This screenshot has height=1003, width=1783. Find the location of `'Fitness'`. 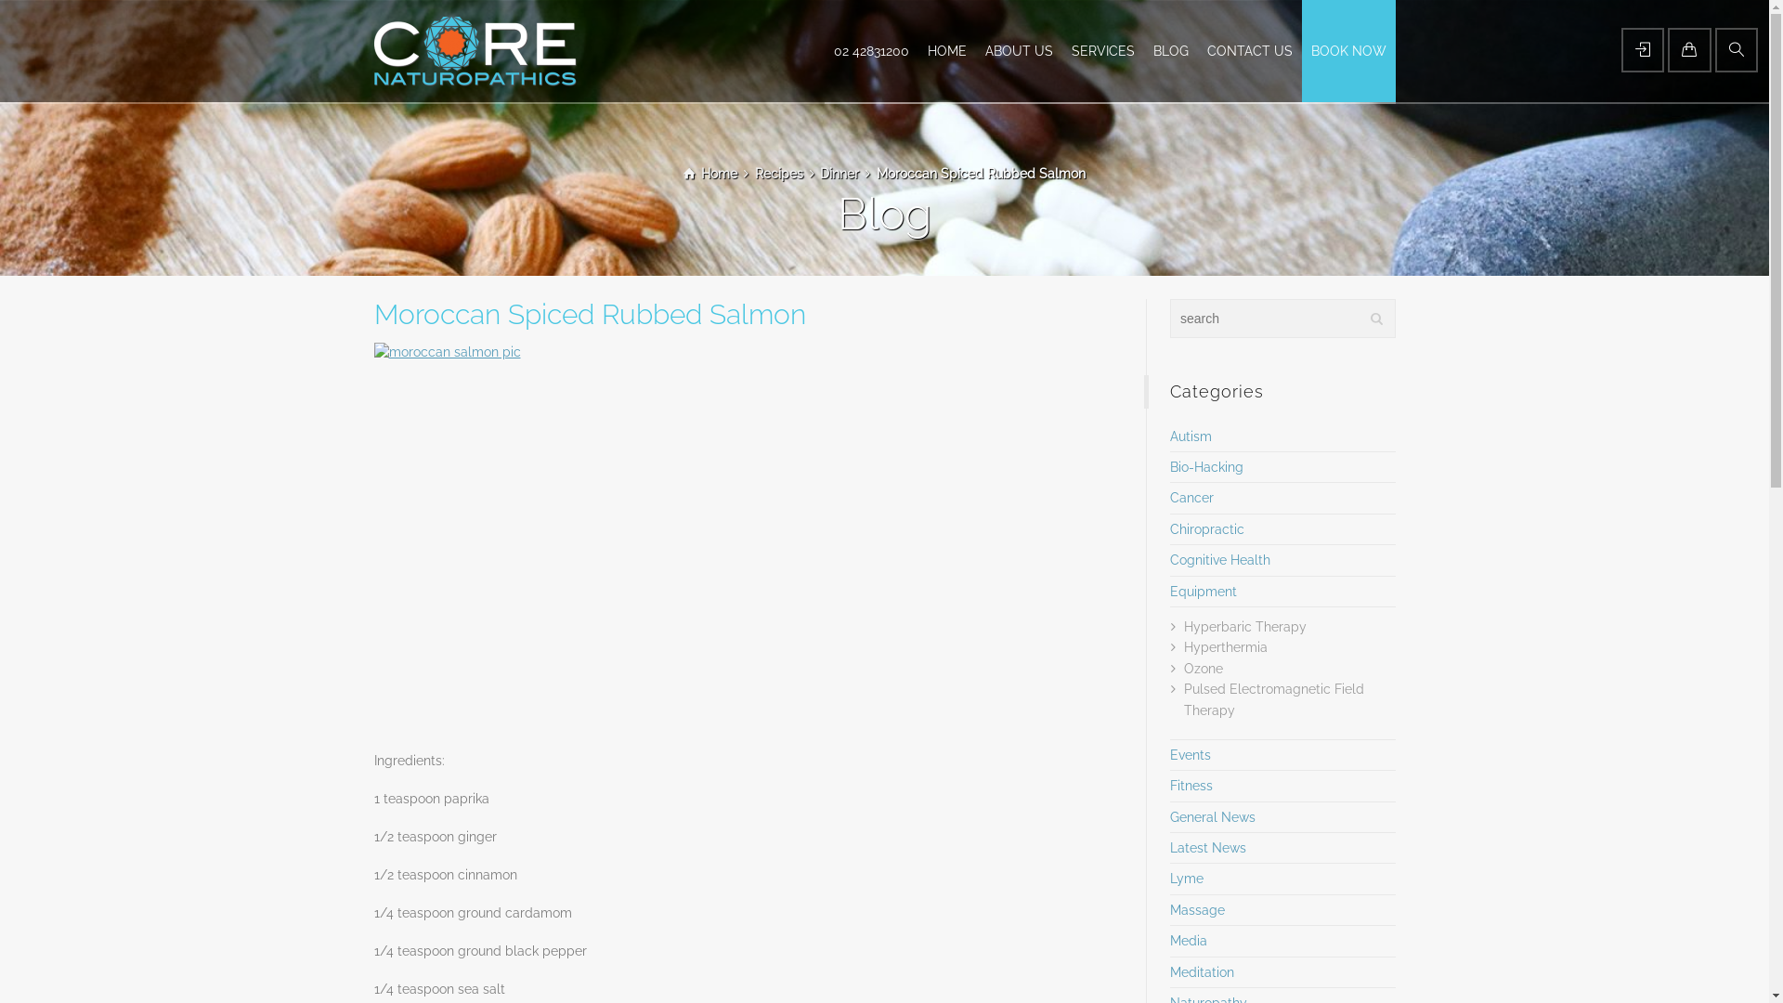

'Fitness' is located at coordinates (1191, 785).